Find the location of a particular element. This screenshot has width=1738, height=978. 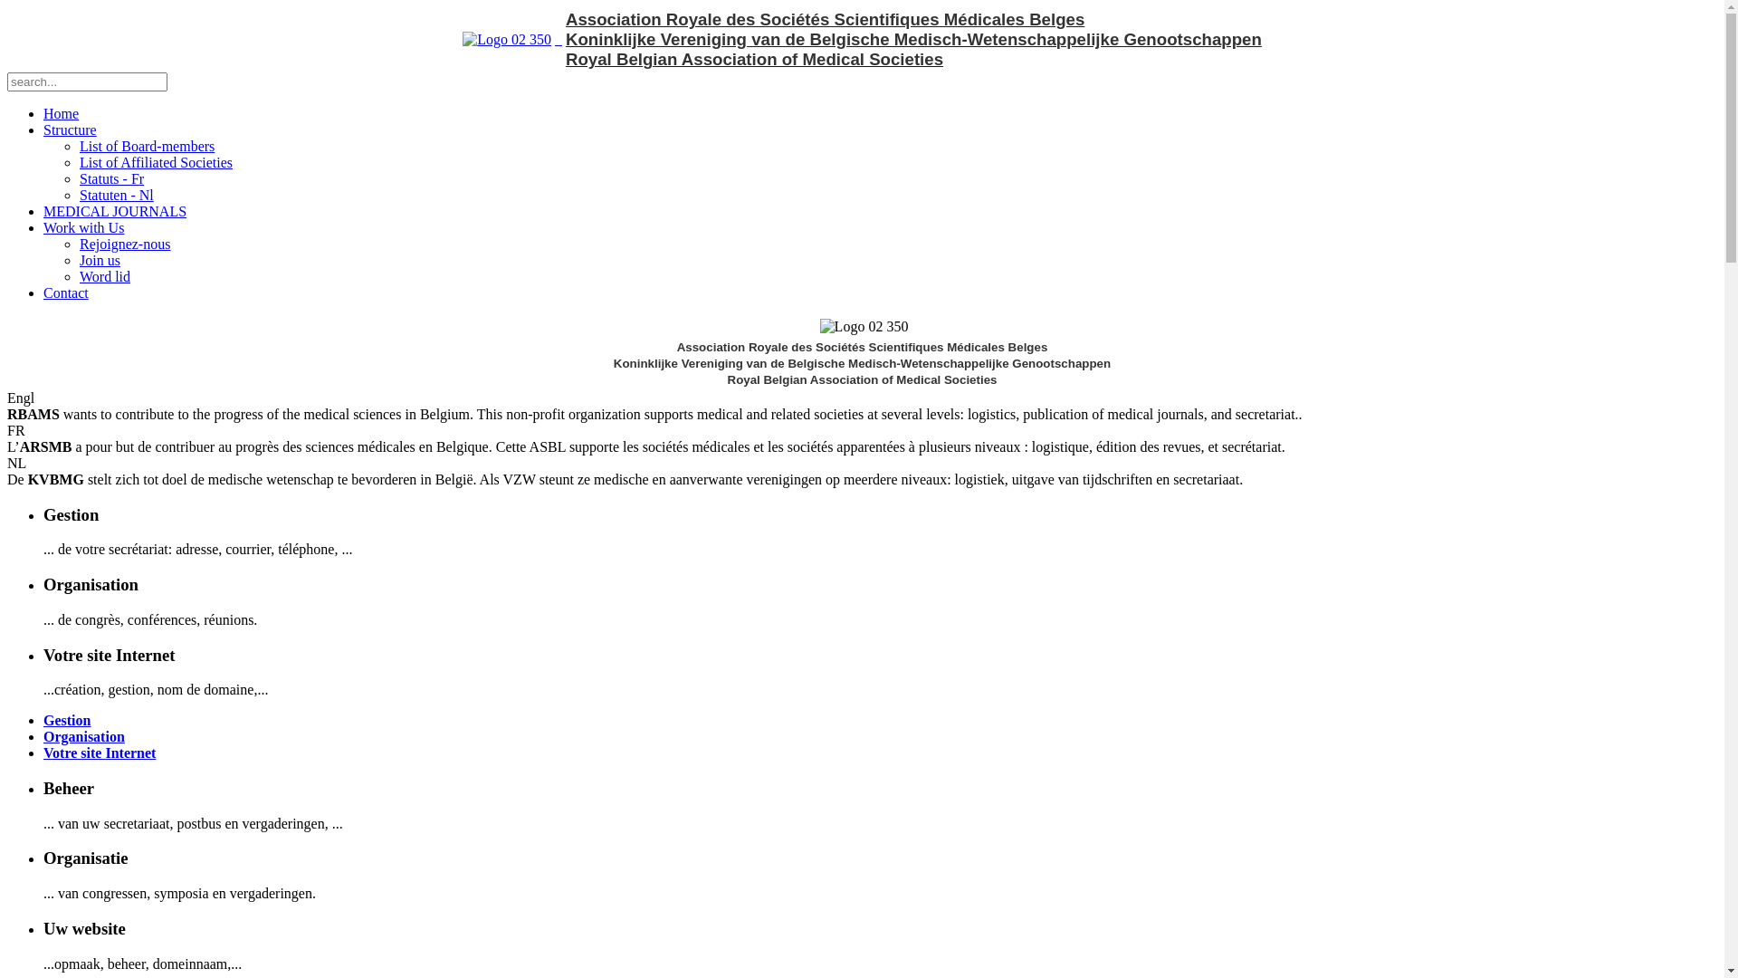

'Work with Us' is located at coordinates (82, 226).